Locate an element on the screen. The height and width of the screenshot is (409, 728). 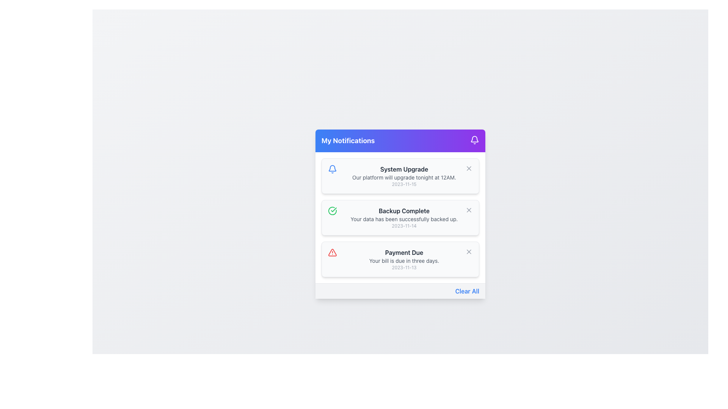
the lower component of the bell icon representing notifications located in the top-right corner of the dark blue notification header bar is located at coordinates (333, 167).